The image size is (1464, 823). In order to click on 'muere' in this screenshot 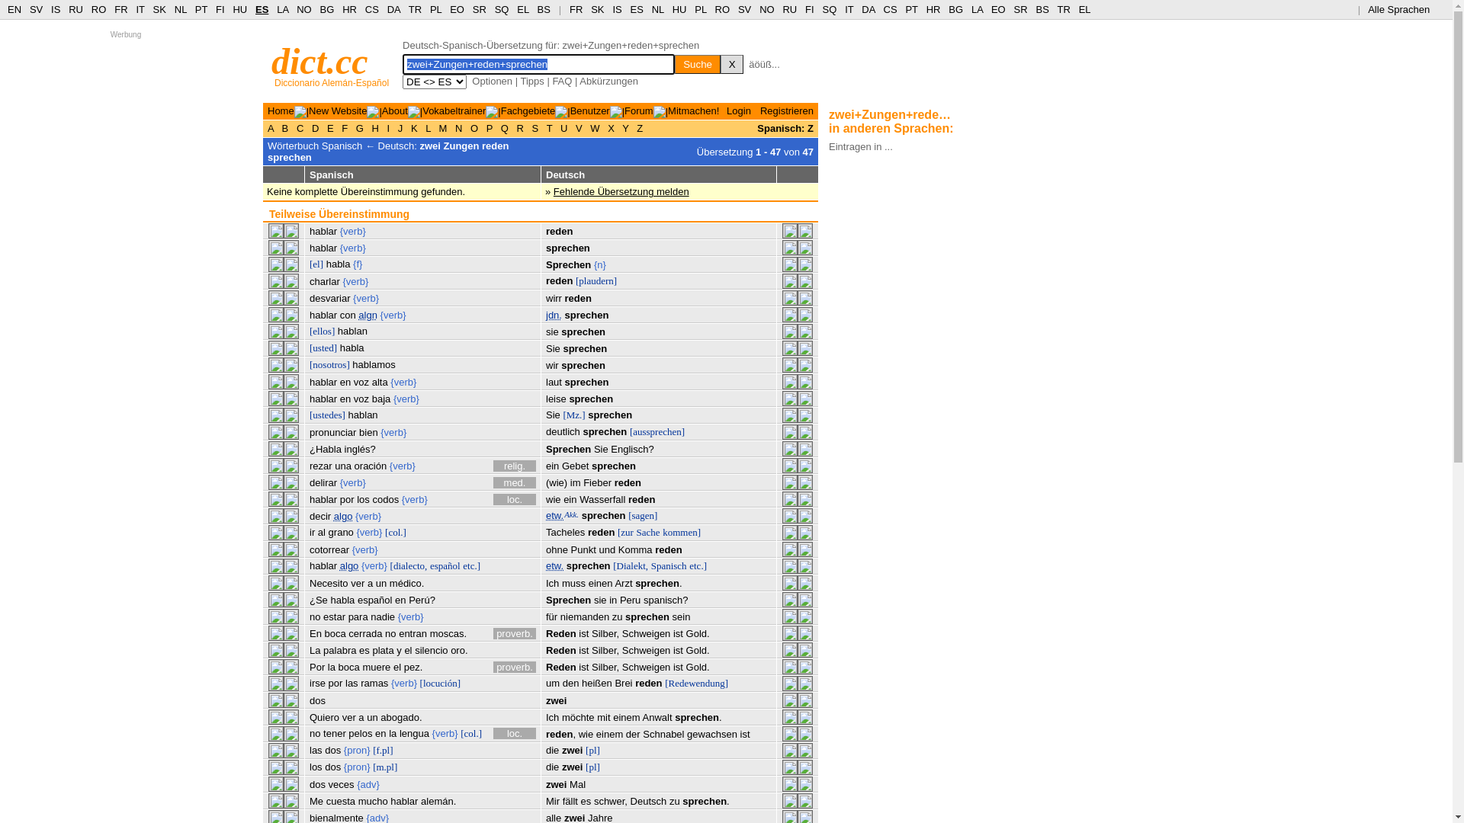, I will do `click(361, 666)`.